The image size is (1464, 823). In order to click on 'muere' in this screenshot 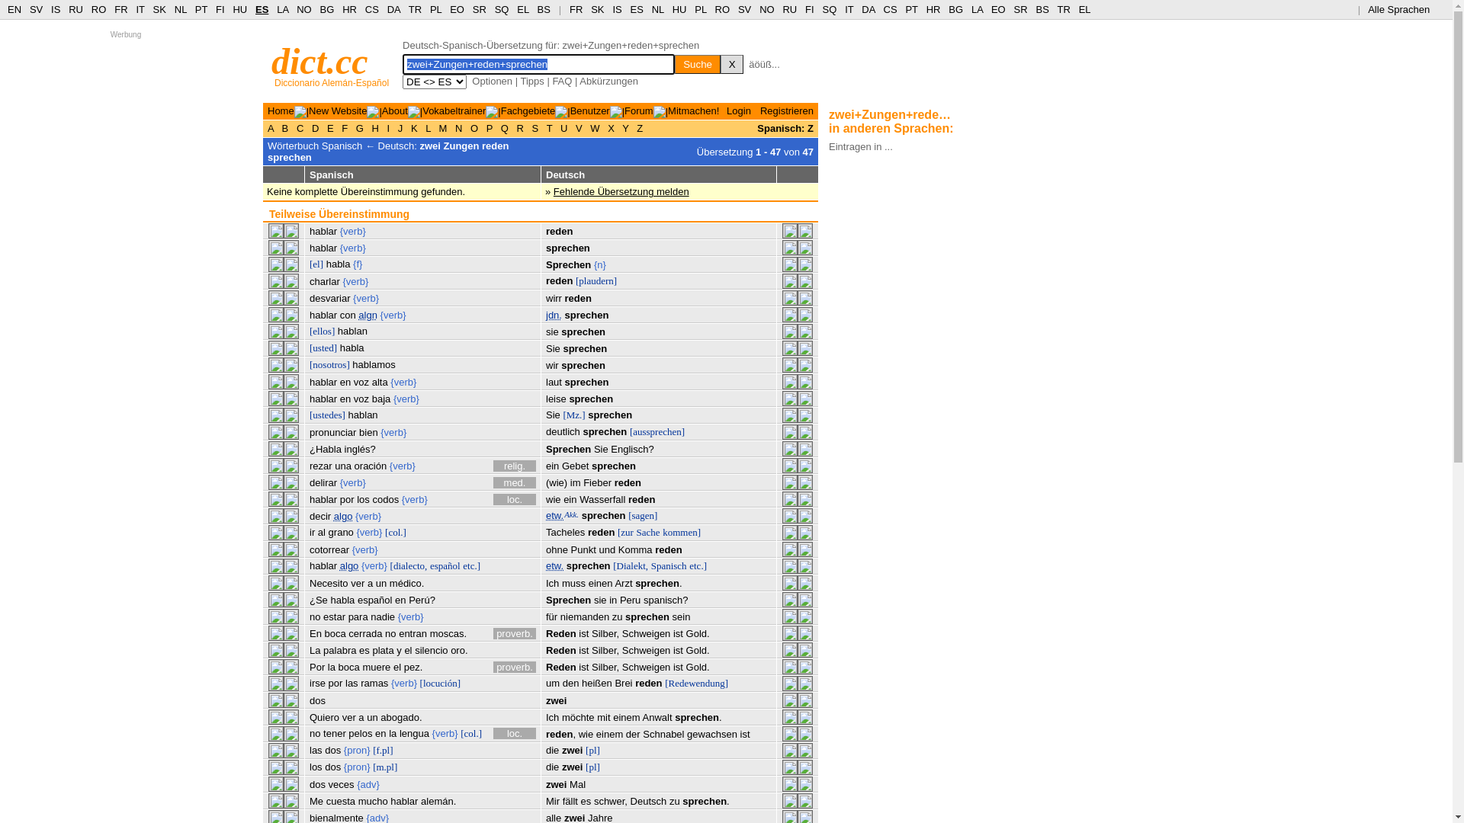, I will do `click(361, 666)`.